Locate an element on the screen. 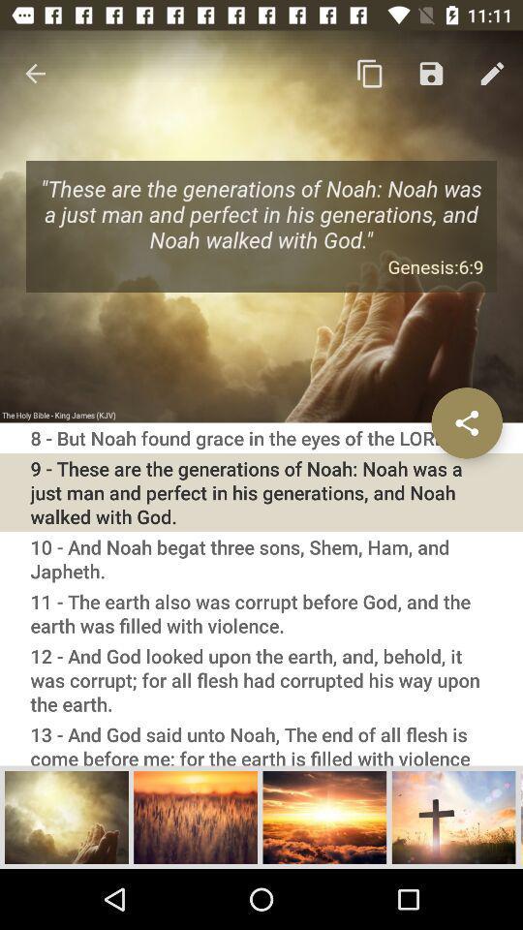 Image resolution: width=523 pixels, height=930 pixels. item at the bottom left corner is located at coordinates (66, 816).